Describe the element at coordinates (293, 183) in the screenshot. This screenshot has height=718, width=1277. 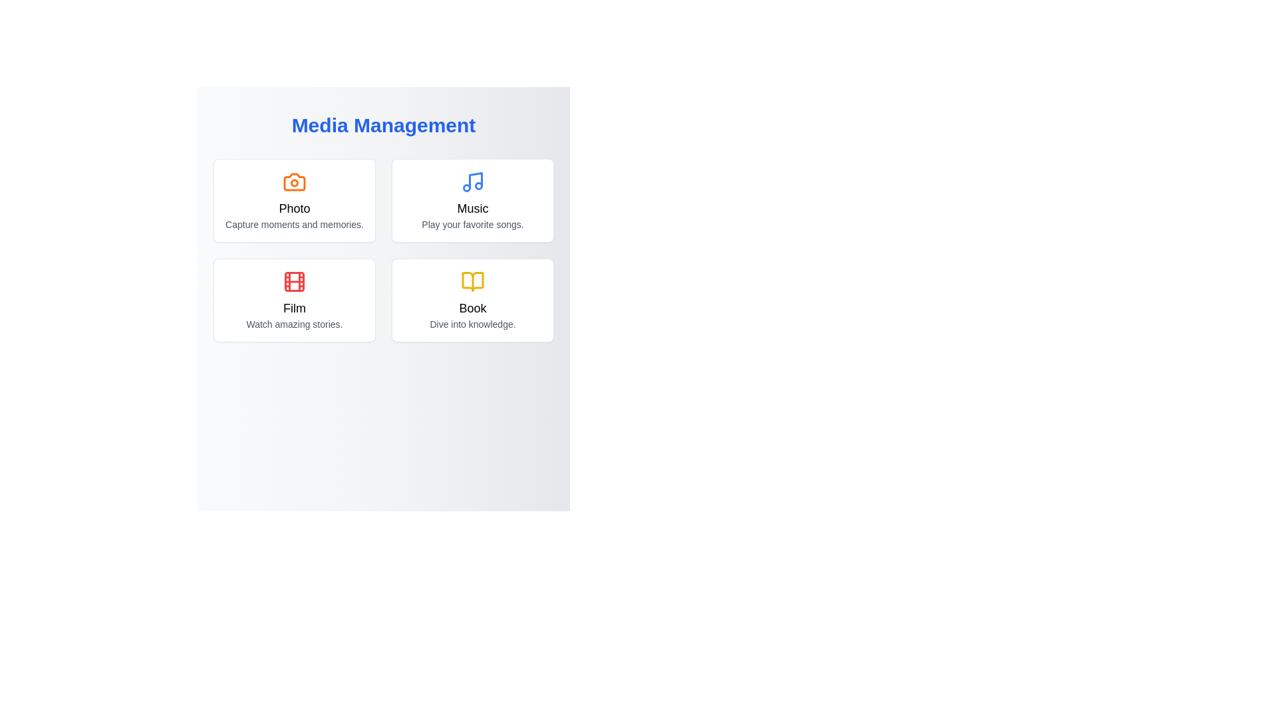
I see `the decorative SVG circle at the center of the camera icon in the top-left card labeled 'Photo' under the 'Media Management' header` at that location.